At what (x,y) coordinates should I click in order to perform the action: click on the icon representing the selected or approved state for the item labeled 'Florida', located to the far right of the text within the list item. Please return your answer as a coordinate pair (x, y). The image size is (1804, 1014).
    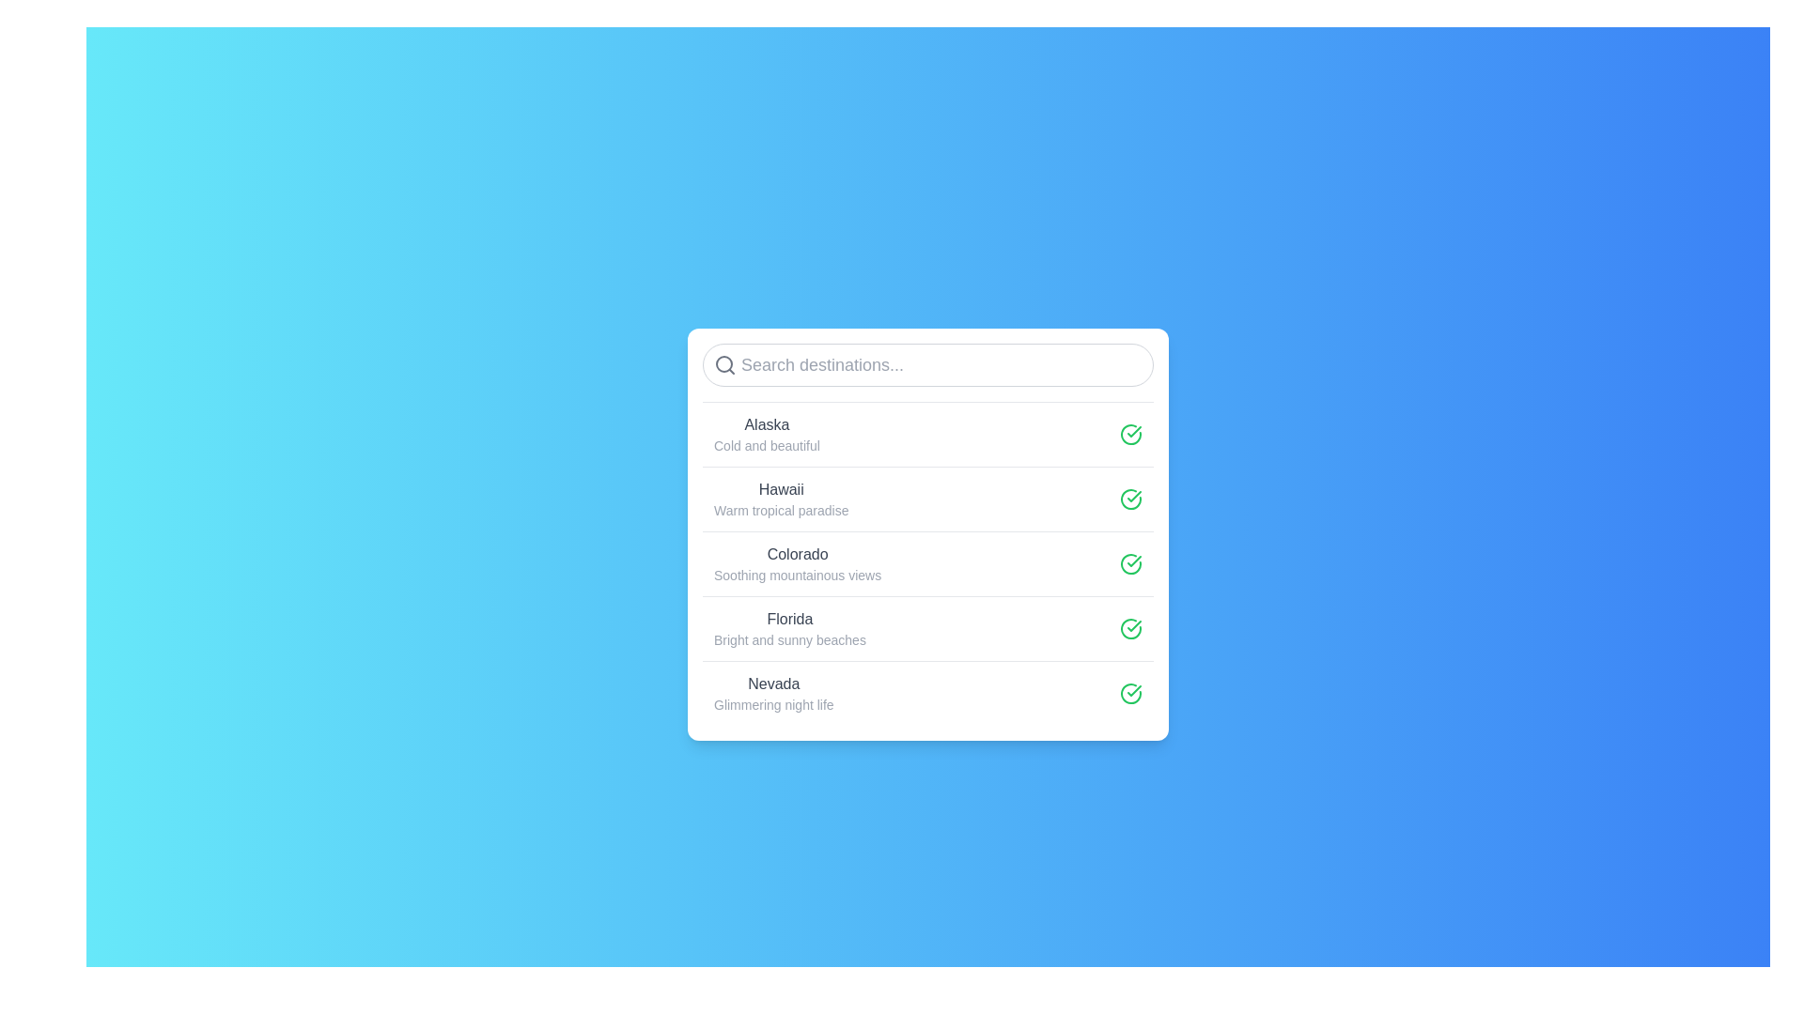
    Looking at the image, I should click on (1130, 628).